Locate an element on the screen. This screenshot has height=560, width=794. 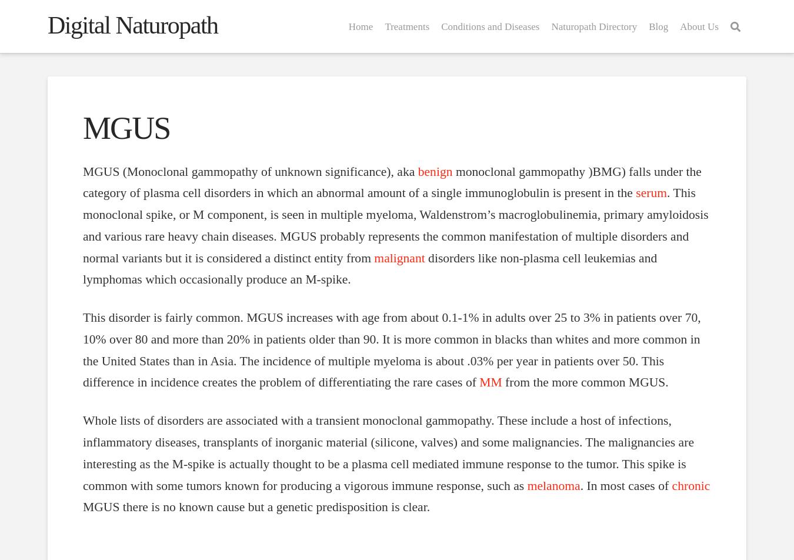
'Digital Naturopath' is located at coordinates (132, 25).